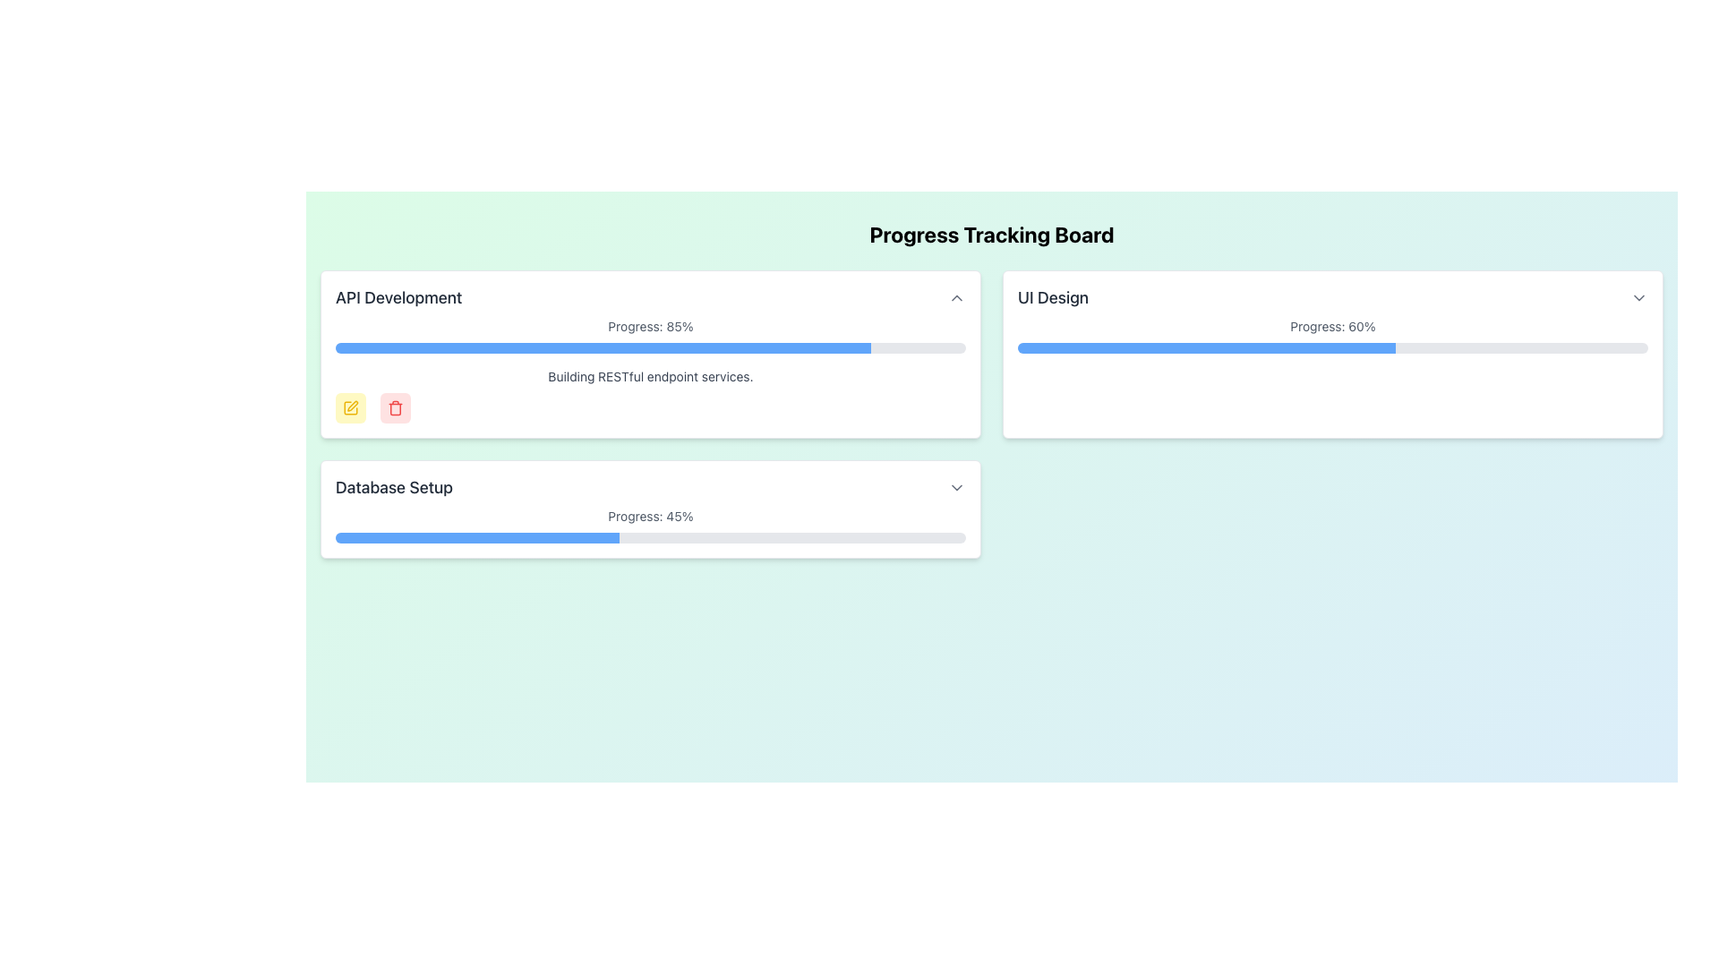  I want to click on the delete button located underneath the progress bar of the 'API Development' section, so click(394, 407).